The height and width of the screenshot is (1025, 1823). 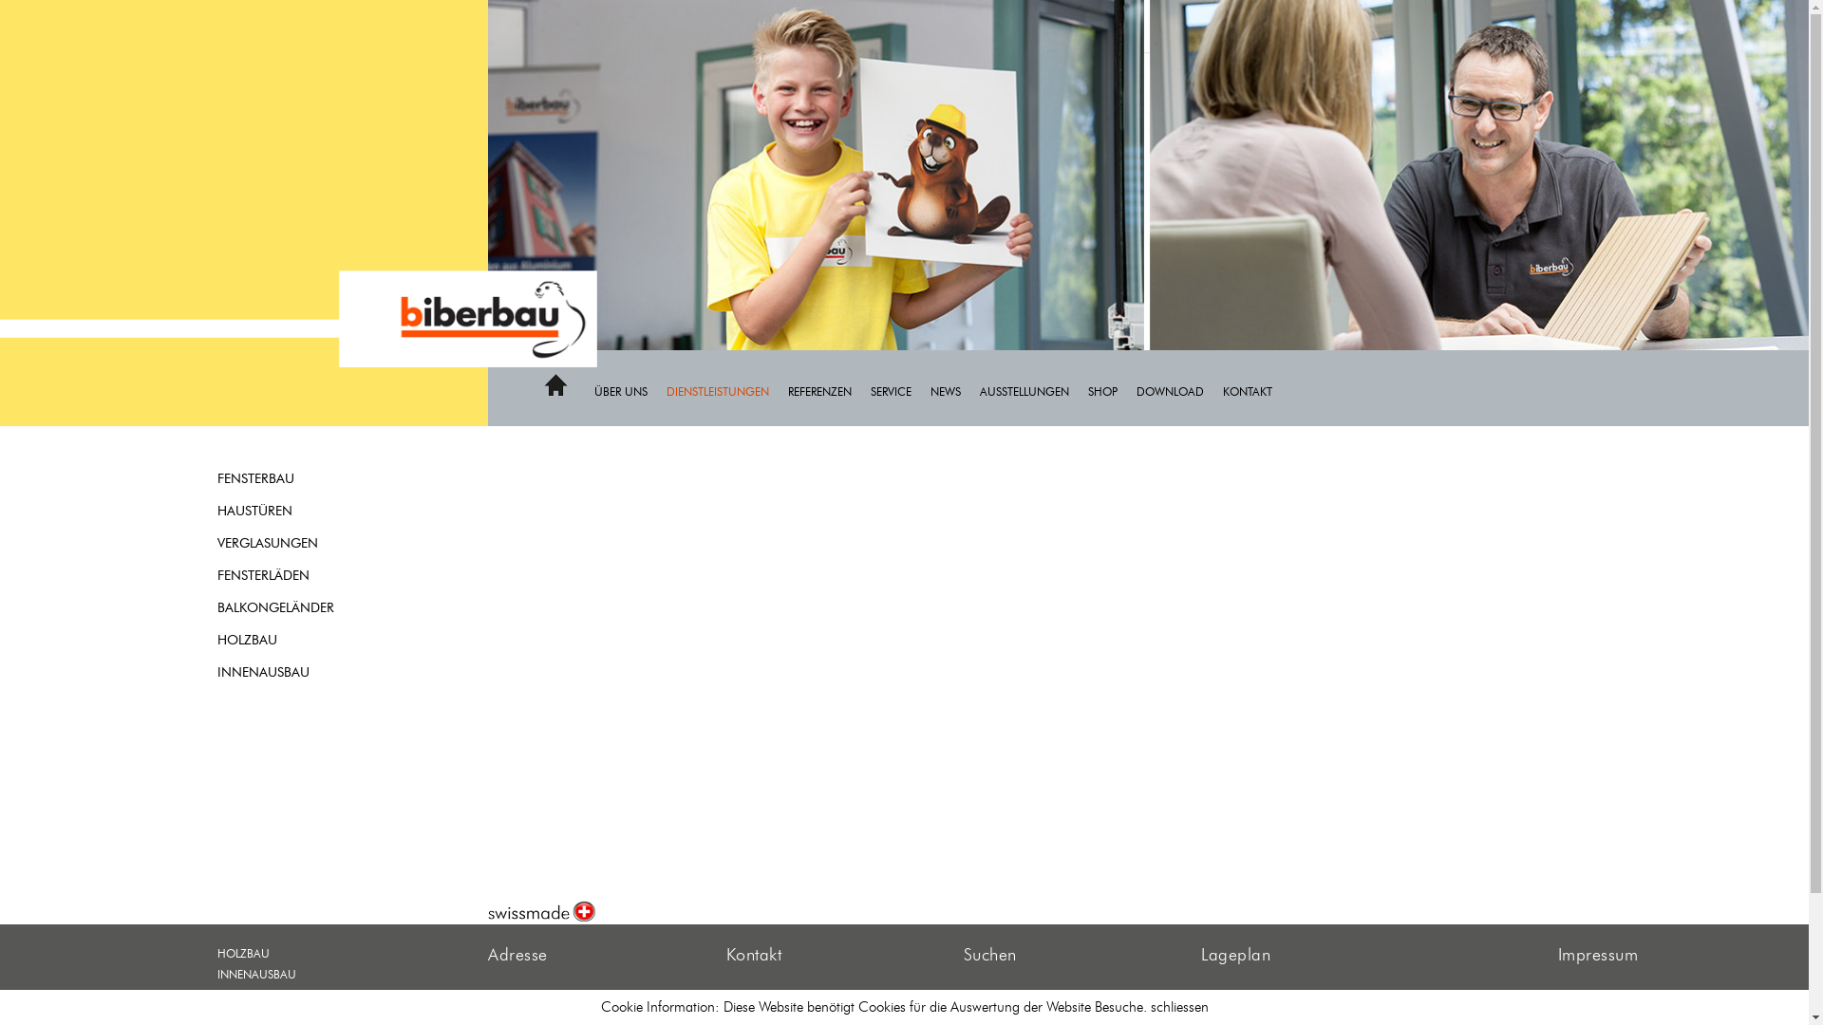 I want to click on 'Home', so click(x=554, y=391).